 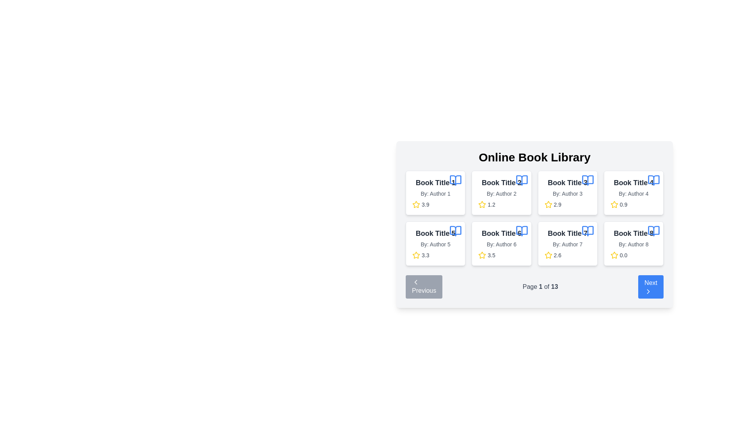 I want to click on the title header of the book, which is located, so click(x=501, y=233).